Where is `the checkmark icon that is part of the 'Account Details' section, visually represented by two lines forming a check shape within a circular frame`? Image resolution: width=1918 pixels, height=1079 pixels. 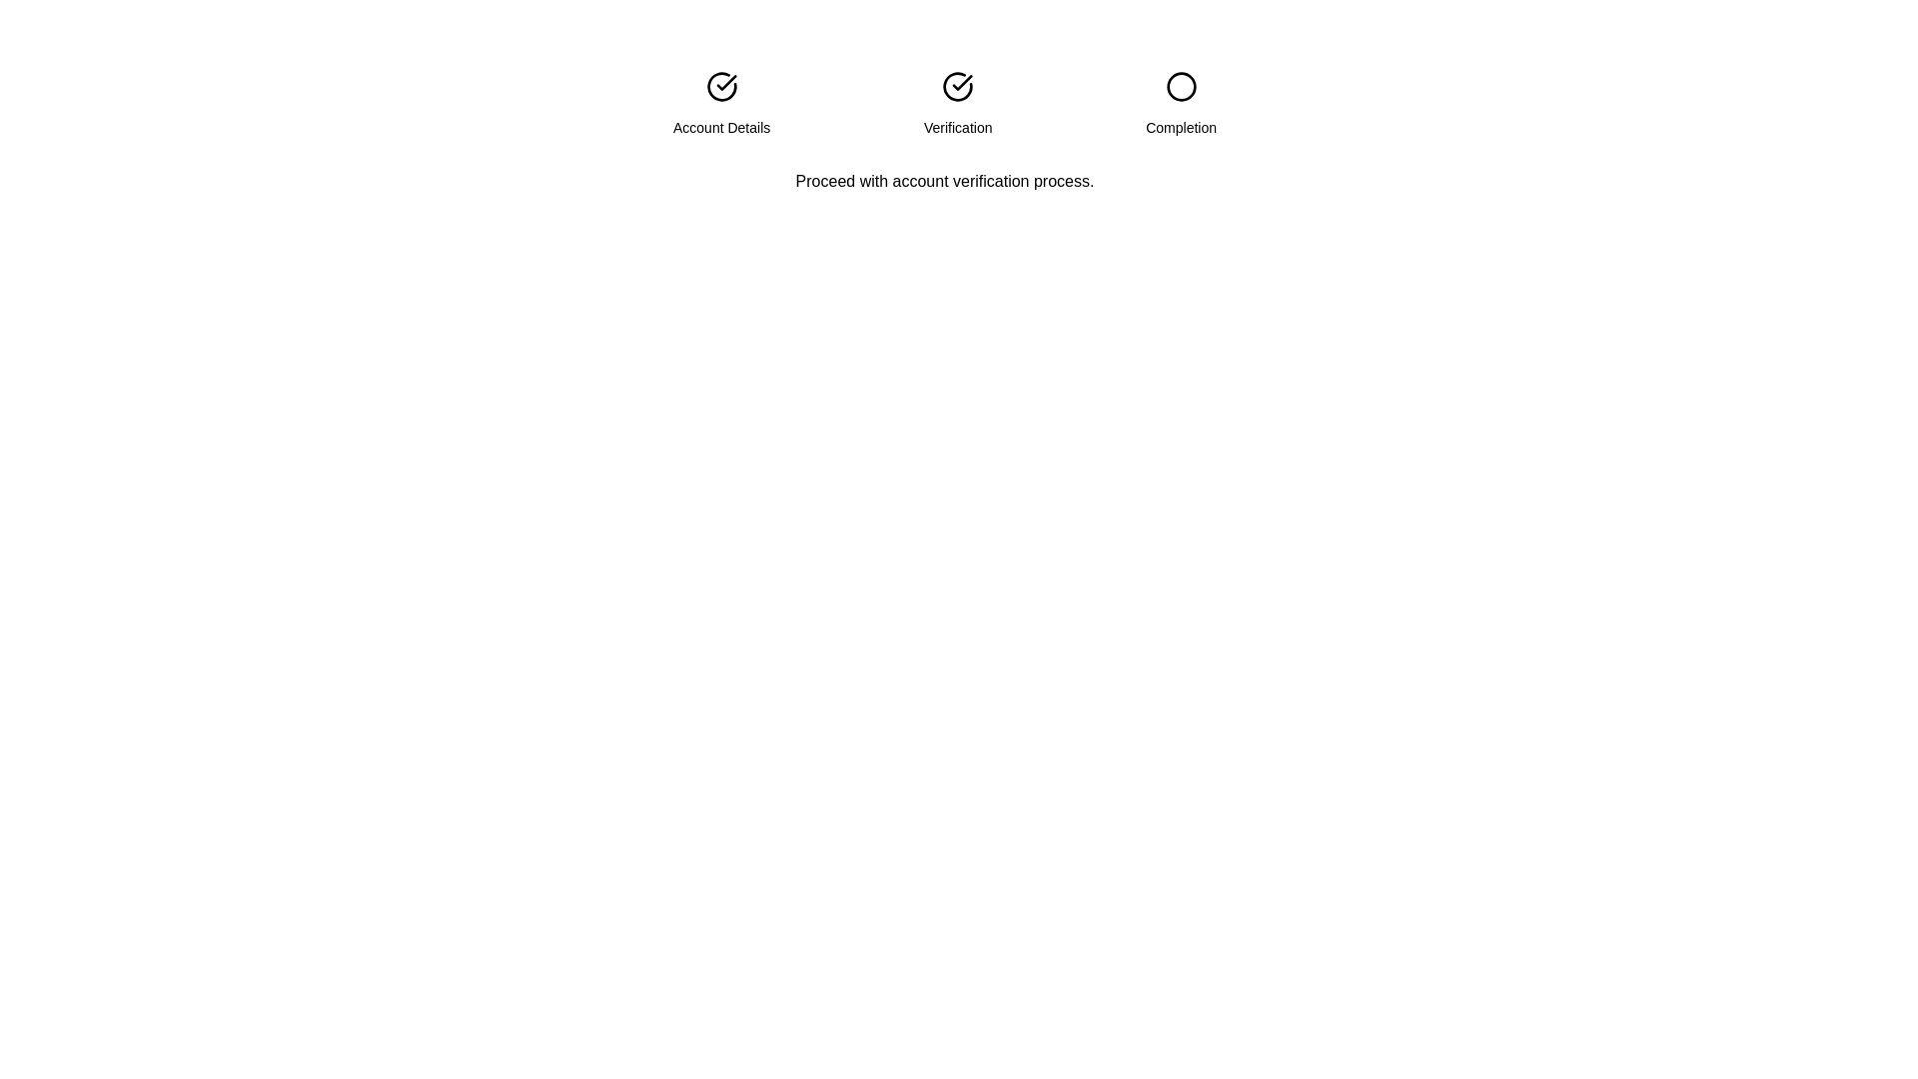 the checkmark icon that is part of the 'Account Details' section, visually represented by two lines forming a check shape within a circular frame is located at coordinates (725, 82).